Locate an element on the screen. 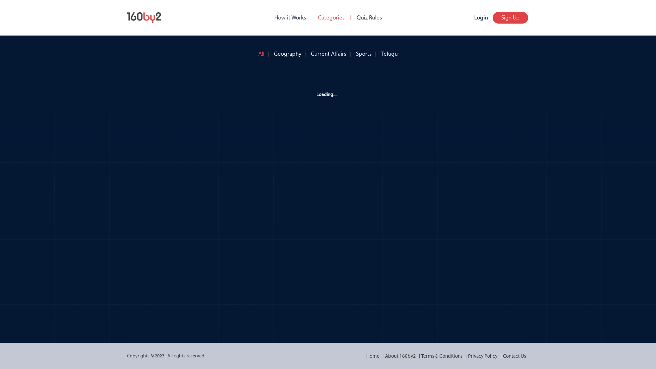  'How it Works' is located at coordinates (290, 17).